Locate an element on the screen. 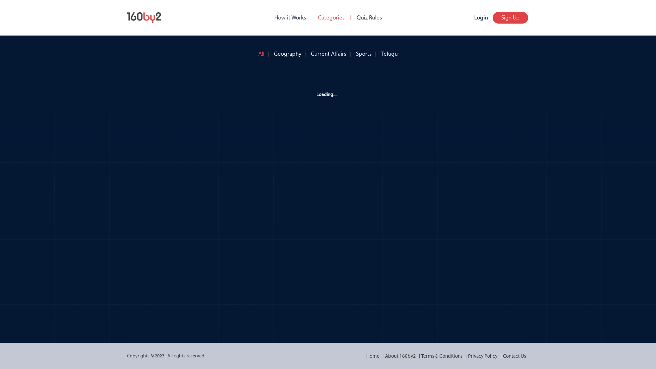  'How it Works' is located at coordinates (290, 17).